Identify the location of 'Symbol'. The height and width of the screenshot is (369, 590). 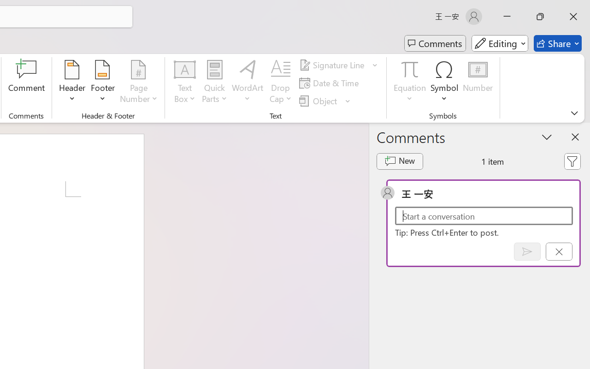
(444, 83).